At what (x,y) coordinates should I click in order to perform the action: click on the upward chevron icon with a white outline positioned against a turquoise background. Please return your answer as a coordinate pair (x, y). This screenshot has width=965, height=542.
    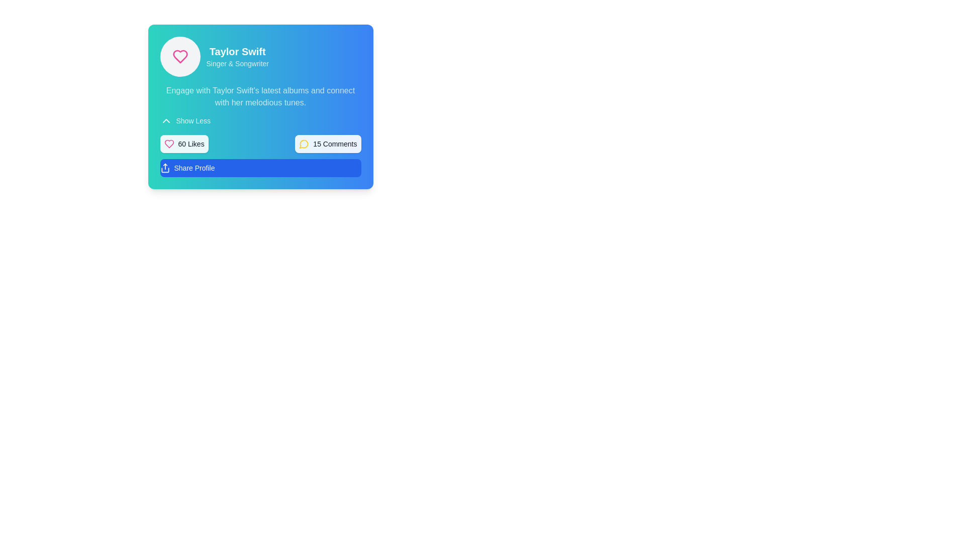
    Looking at the image, I should click on (166, 120).